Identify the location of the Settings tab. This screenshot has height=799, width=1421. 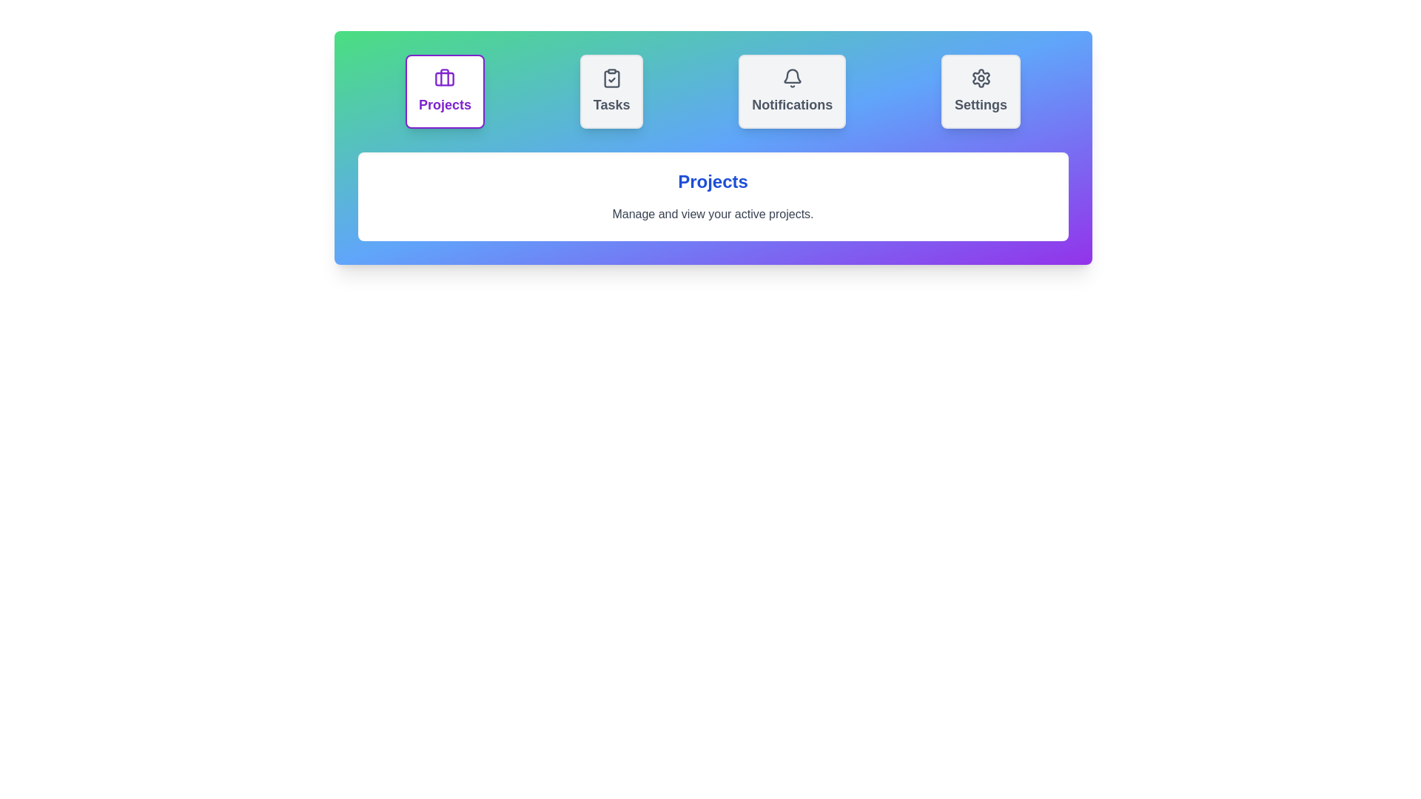
(980, 91).